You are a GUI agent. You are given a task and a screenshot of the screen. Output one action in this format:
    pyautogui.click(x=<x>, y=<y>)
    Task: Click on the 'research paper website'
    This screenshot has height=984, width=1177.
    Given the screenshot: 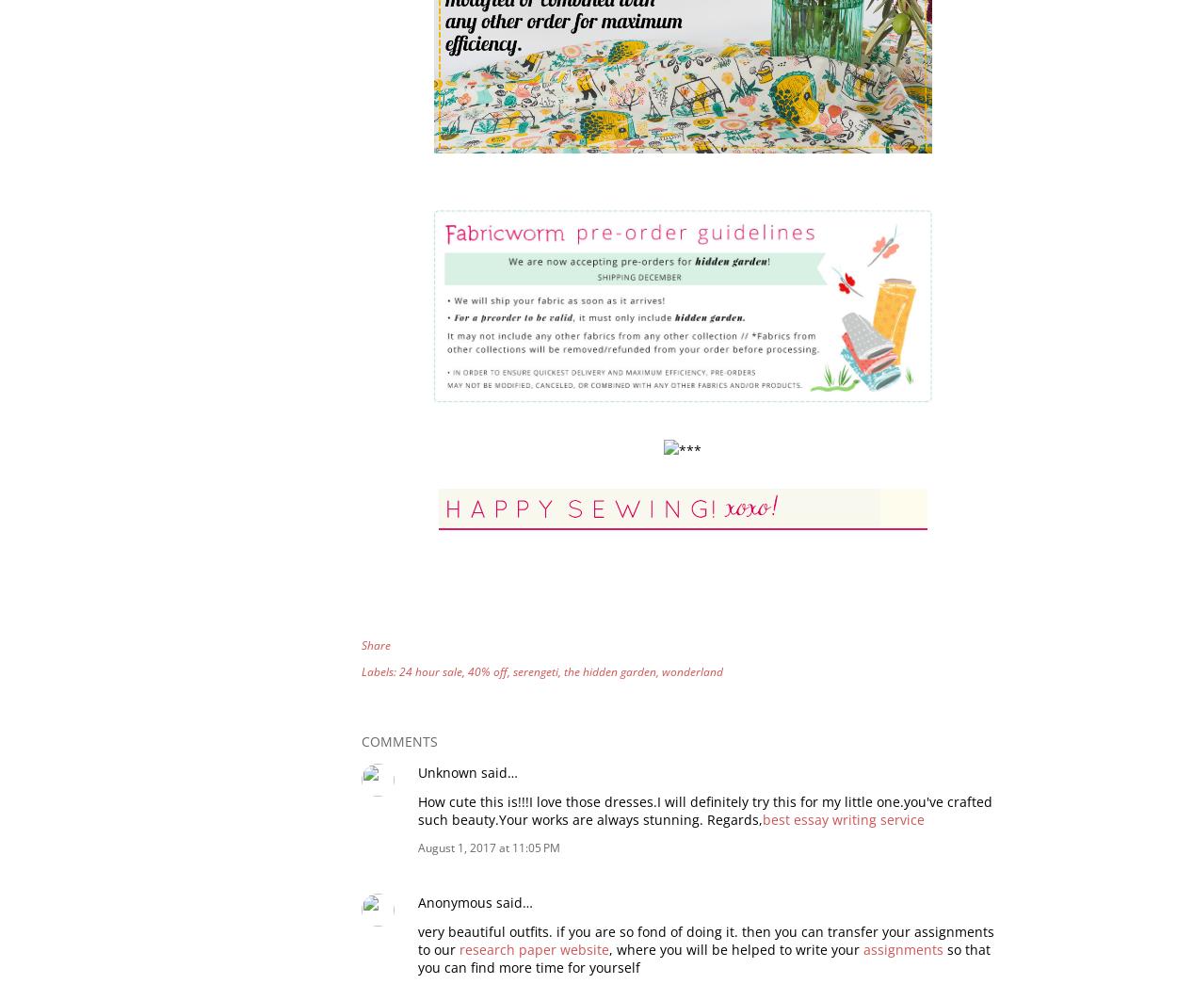 What is the action you would take?
    pyautogui.click(x=533, y=948)
    